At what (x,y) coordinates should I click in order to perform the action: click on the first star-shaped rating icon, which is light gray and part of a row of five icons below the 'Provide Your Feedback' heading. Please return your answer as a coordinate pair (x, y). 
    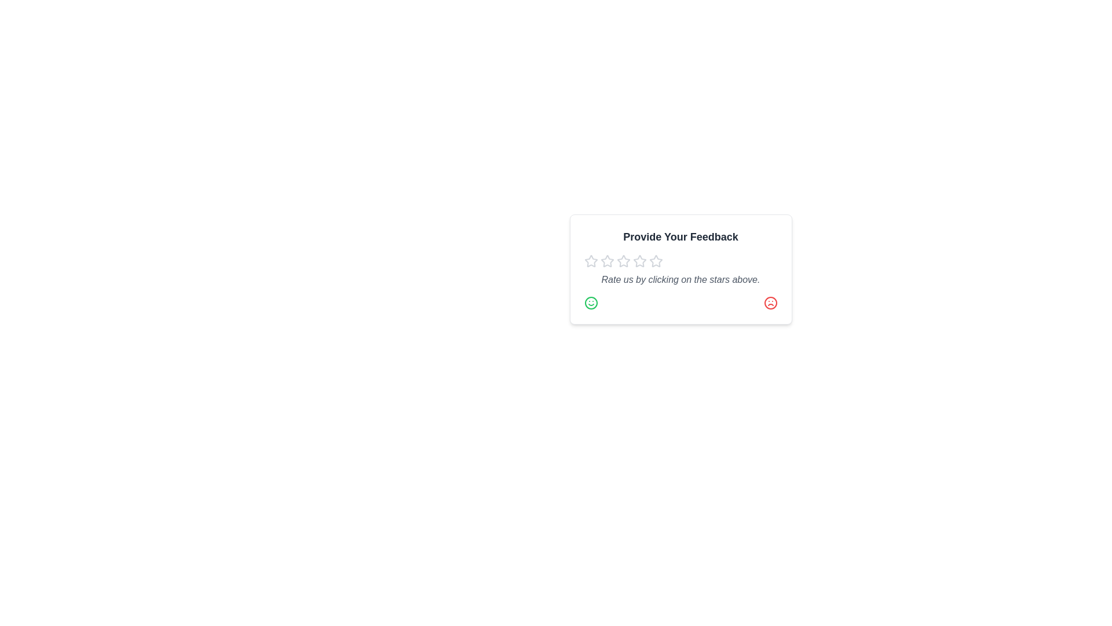
    Looking at the image, I should click on (606, 261).